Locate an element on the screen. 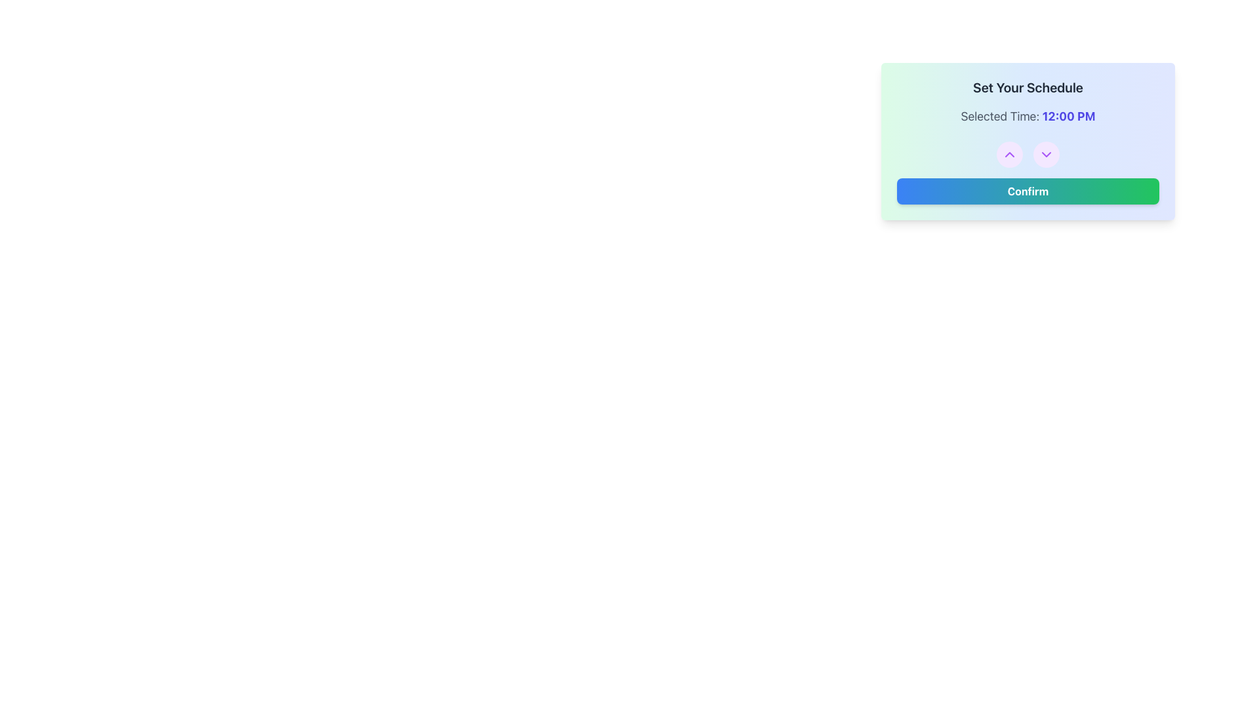 The height and width of the screenshot is (708, 1259). the upward-pointing chevron icon with a purple color within a circular button to increment the time in the schedule settings panel is located at coordinates (1009, 153).